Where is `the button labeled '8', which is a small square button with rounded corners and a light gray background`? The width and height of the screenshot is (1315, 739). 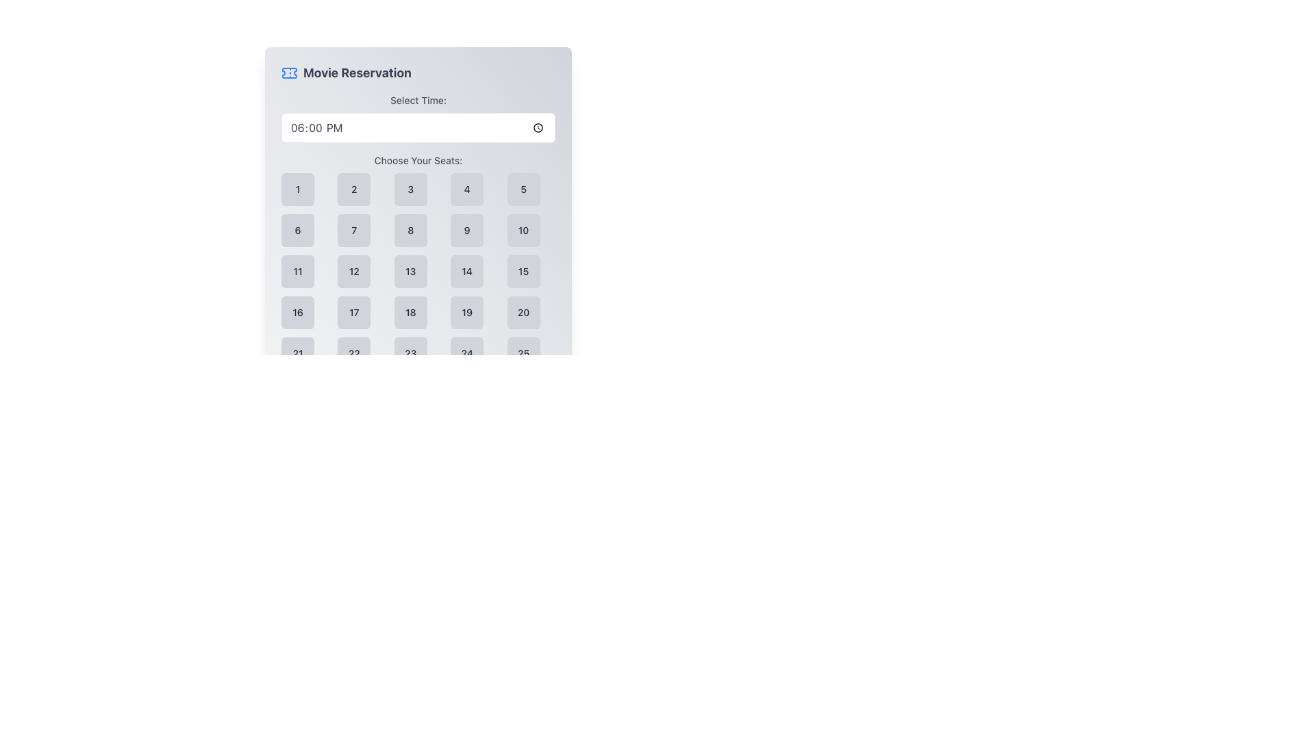
the button labeled '8', which is a small square button with rounded corners and a light gray background is located at coordinates (410, 229).